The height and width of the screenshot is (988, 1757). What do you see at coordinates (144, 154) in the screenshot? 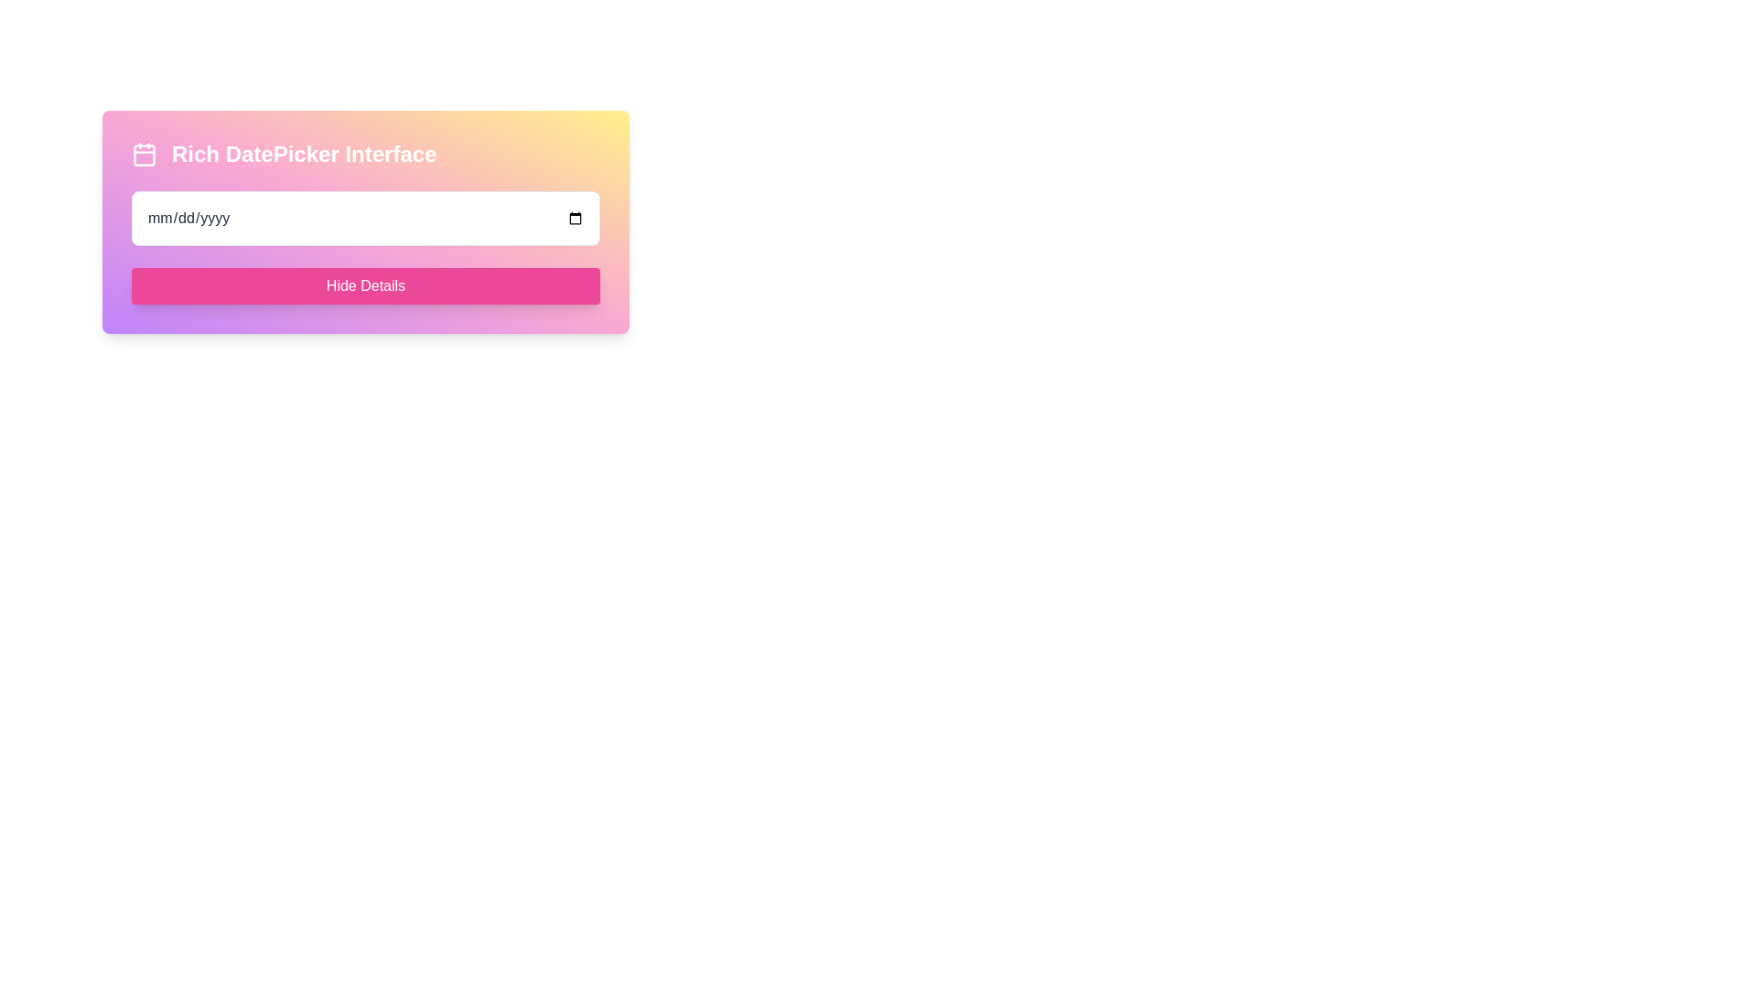
I see `the central rounded rectangular shape of the calendar icon, which is positioned to the left of the text 'Rich DatePicker Interface'` at bounding box center [144, 154].